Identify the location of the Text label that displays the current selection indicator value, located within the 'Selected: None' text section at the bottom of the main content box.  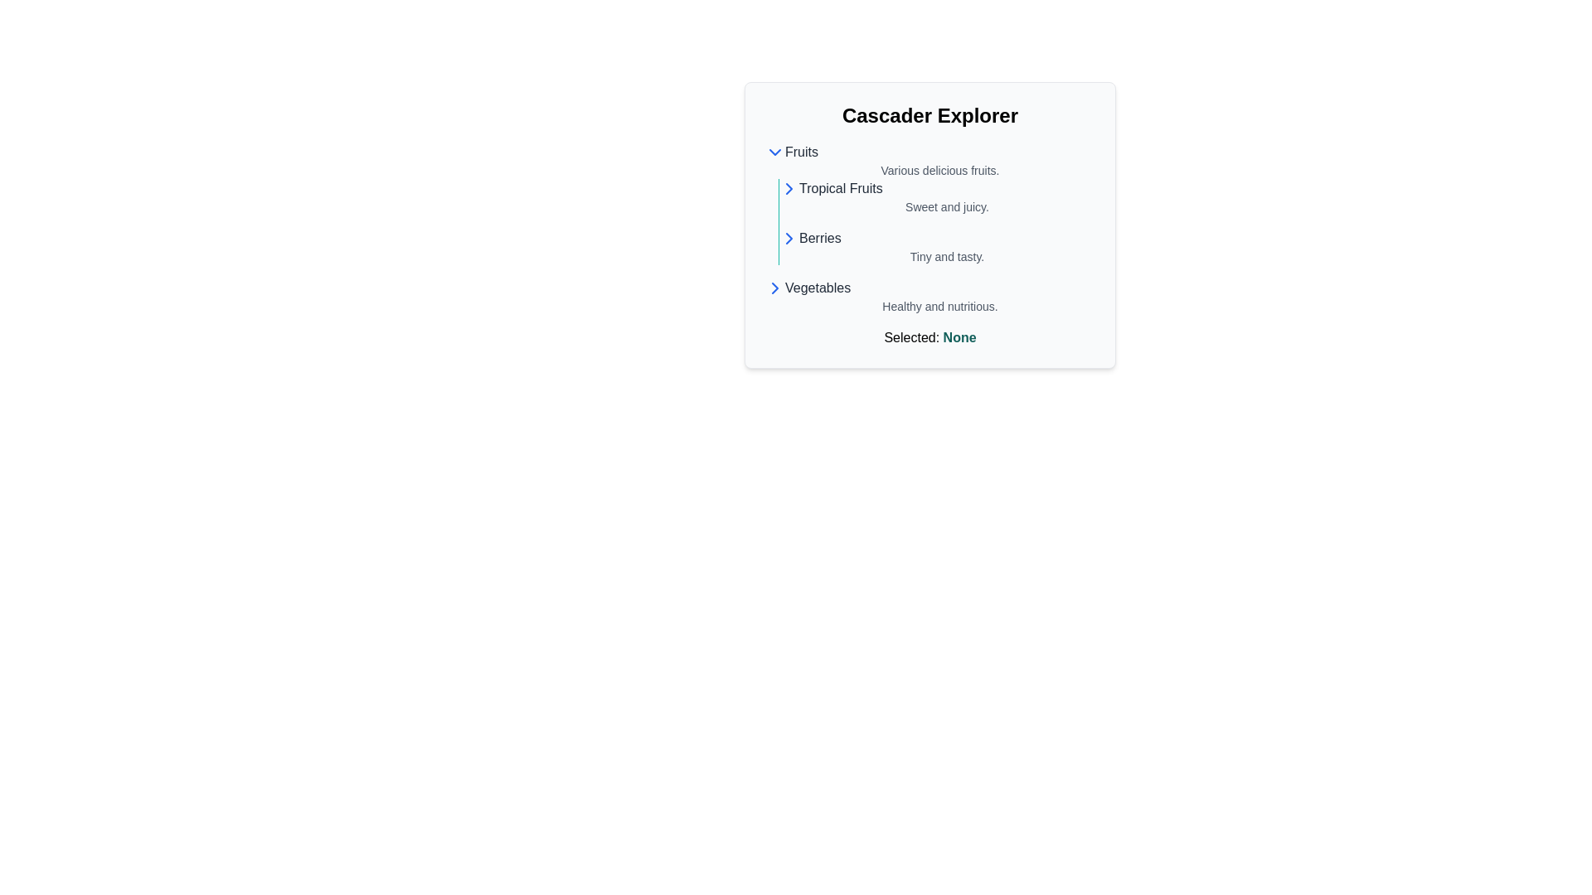
(959, 336).